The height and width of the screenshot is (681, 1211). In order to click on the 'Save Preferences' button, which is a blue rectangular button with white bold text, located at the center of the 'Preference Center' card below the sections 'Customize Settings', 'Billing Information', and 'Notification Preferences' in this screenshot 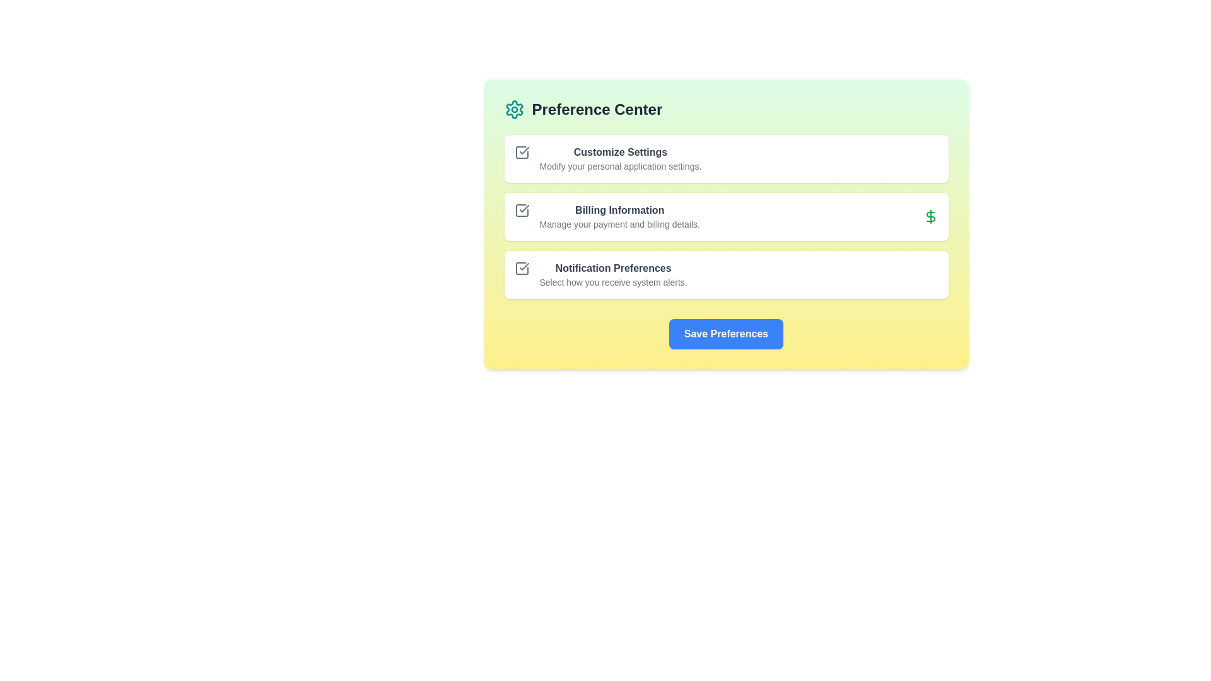, I will do `click(726, 333)`.